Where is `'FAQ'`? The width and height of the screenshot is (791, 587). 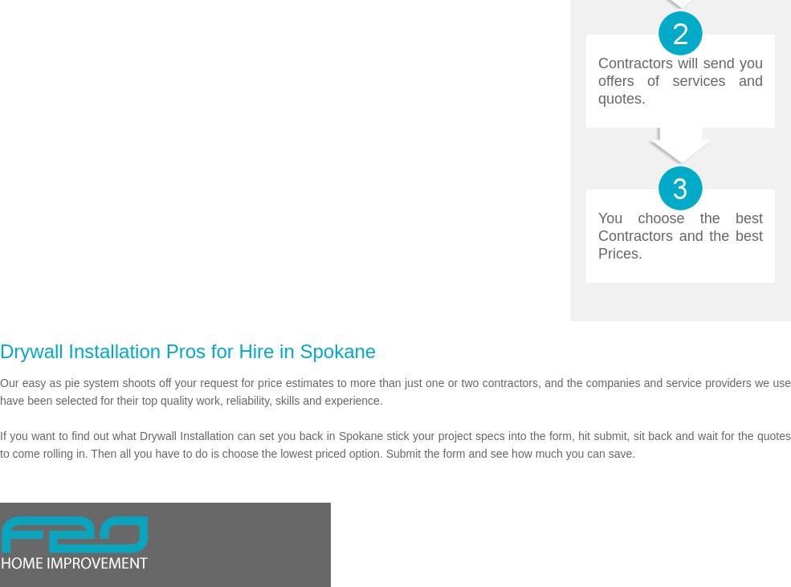
'FAQ' is located at coordinates (610, 530).